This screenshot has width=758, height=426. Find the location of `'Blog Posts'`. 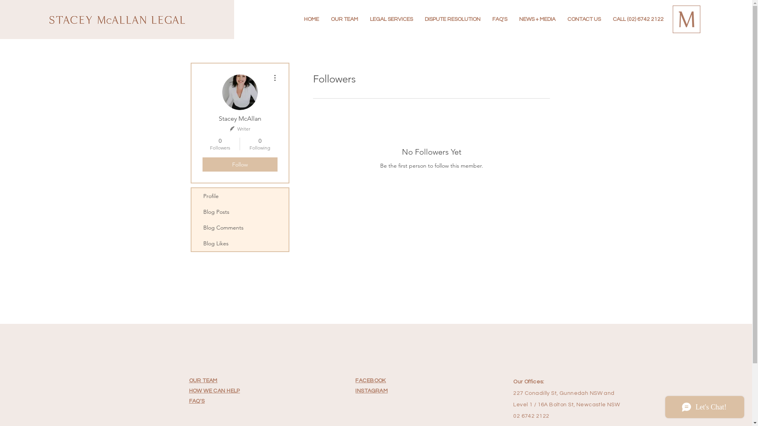

'Blog Posts' is located at coordinates (239, 211).